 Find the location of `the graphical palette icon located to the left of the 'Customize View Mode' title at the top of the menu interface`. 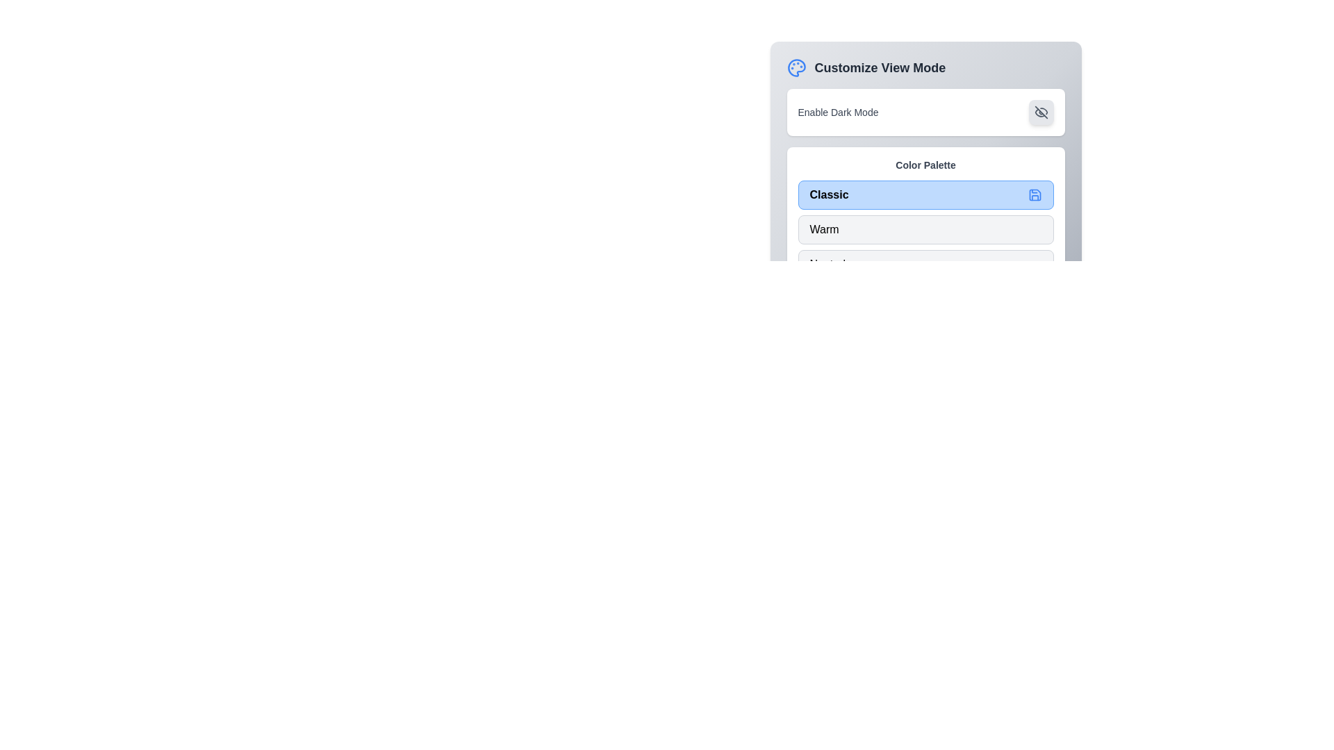

the graphical palette icon located to the left of the 'Customize View Mode' title at the top of the menu interface is located at coordinates (796, 67).